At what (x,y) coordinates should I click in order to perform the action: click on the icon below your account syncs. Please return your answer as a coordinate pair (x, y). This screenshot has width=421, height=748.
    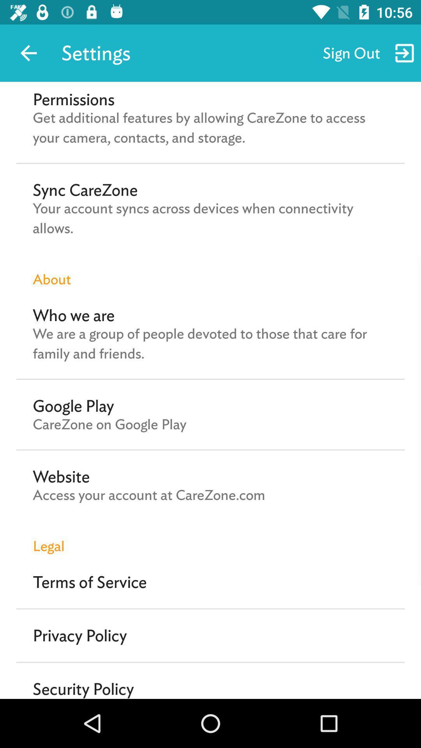
    Looking at the image, I should click on (210, 271).